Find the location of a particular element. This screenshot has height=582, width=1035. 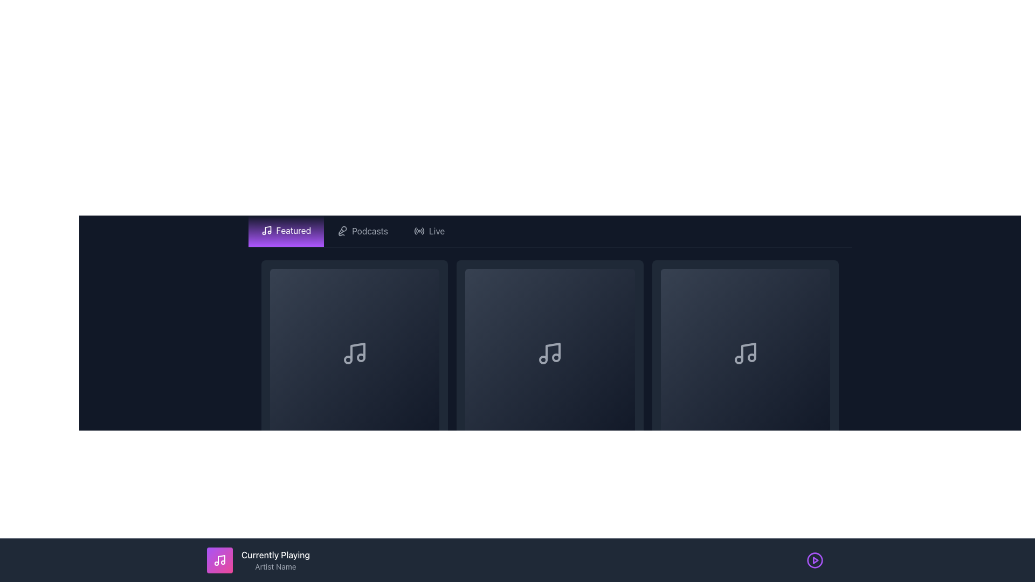

the circular radio wave icon with a central filled dot located in the header navigation bar is located at coordinates (418, 230).